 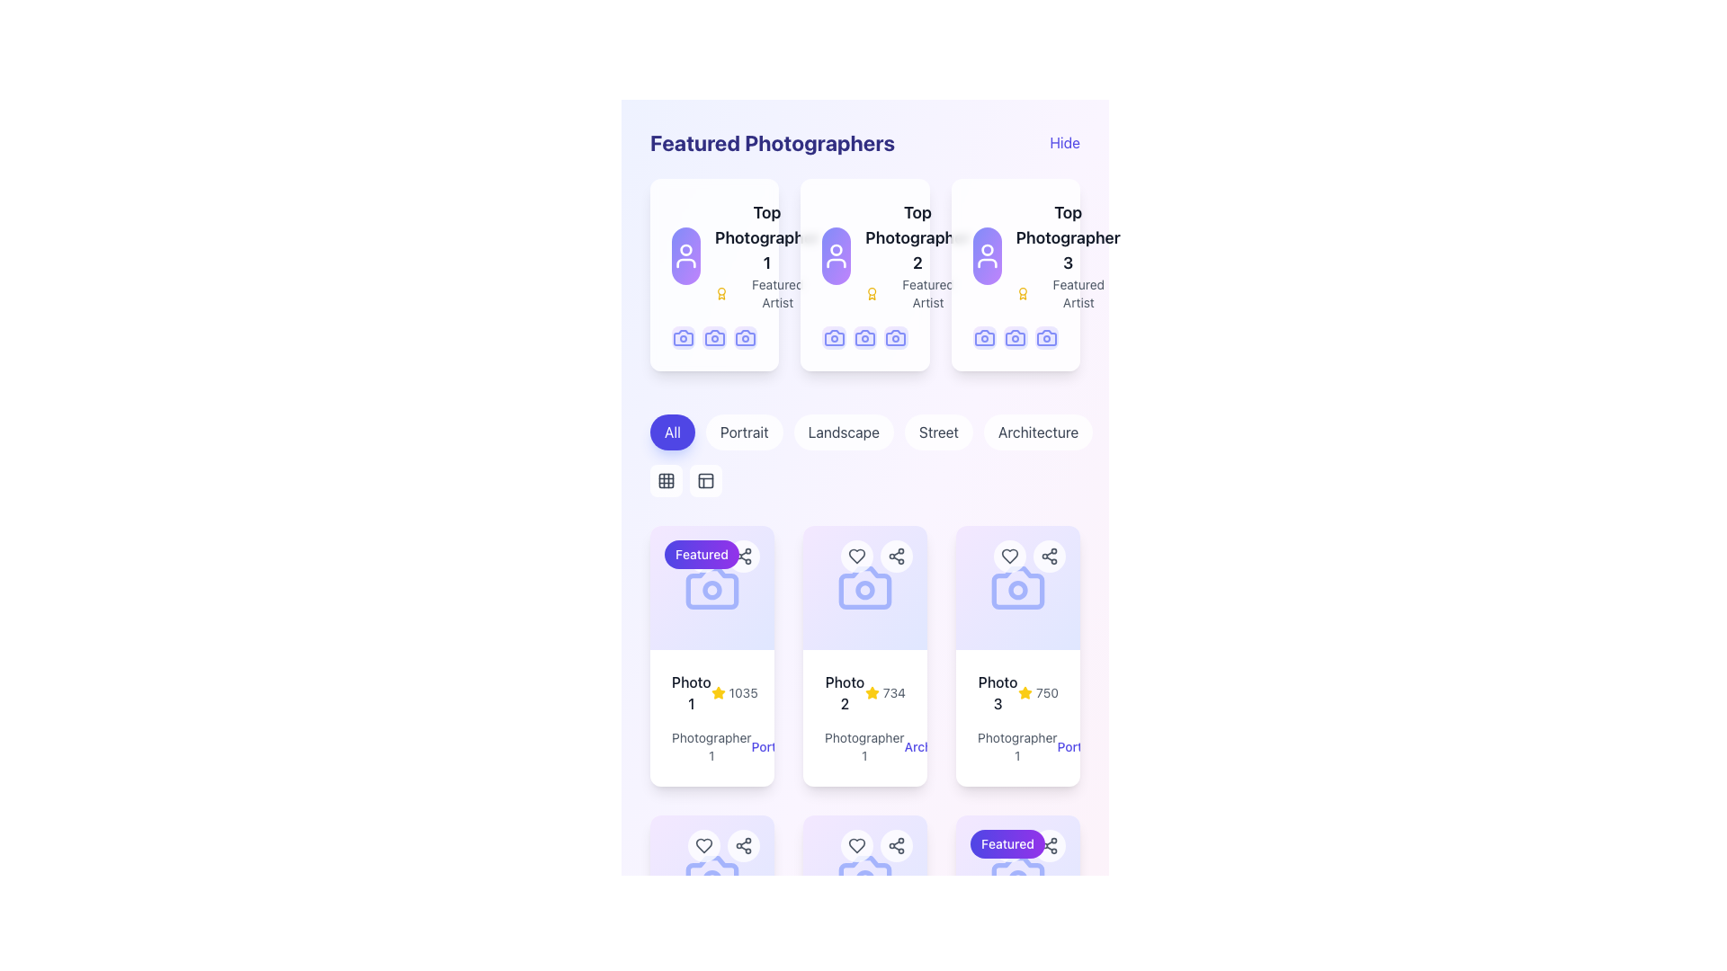 What do you see at coordinates (711, 876) in the screenshot?
I see `the SVG icon representing photography-related actions located in the fourth card from the left in the bottom row of a grid to initiate an interaction or view related content` at bounding box center [711, 876].